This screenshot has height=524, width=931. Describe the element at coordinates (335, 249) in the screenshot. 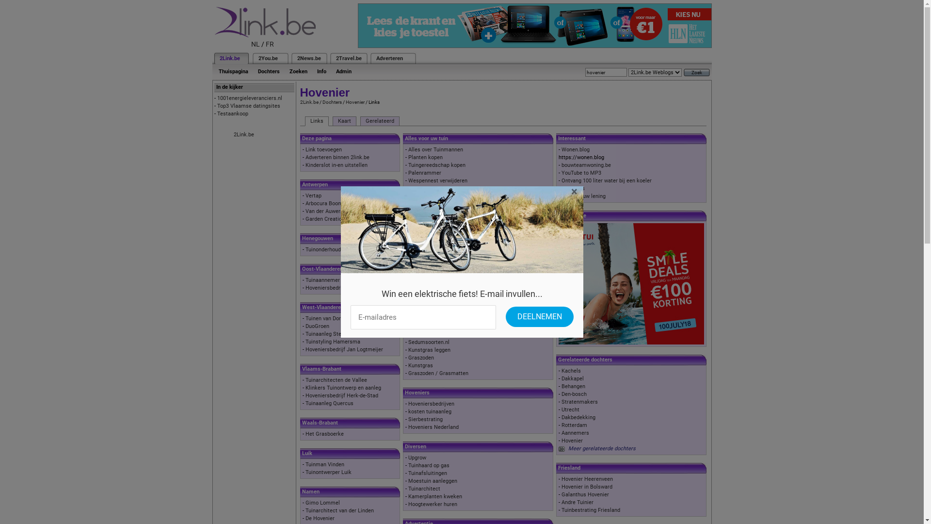

I see `'Tuinonderhoud Charleroi'` at that location.